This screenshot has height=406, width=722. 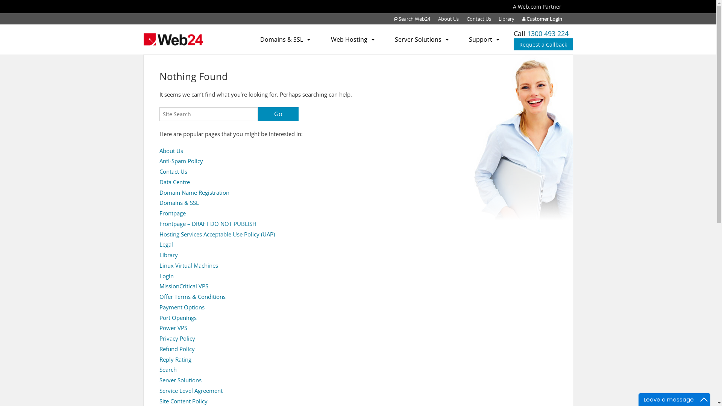 What do you see at coordinates (393, 18) in the screenshot?
I see `'Search Web24'` at bounding box center [393, 18].